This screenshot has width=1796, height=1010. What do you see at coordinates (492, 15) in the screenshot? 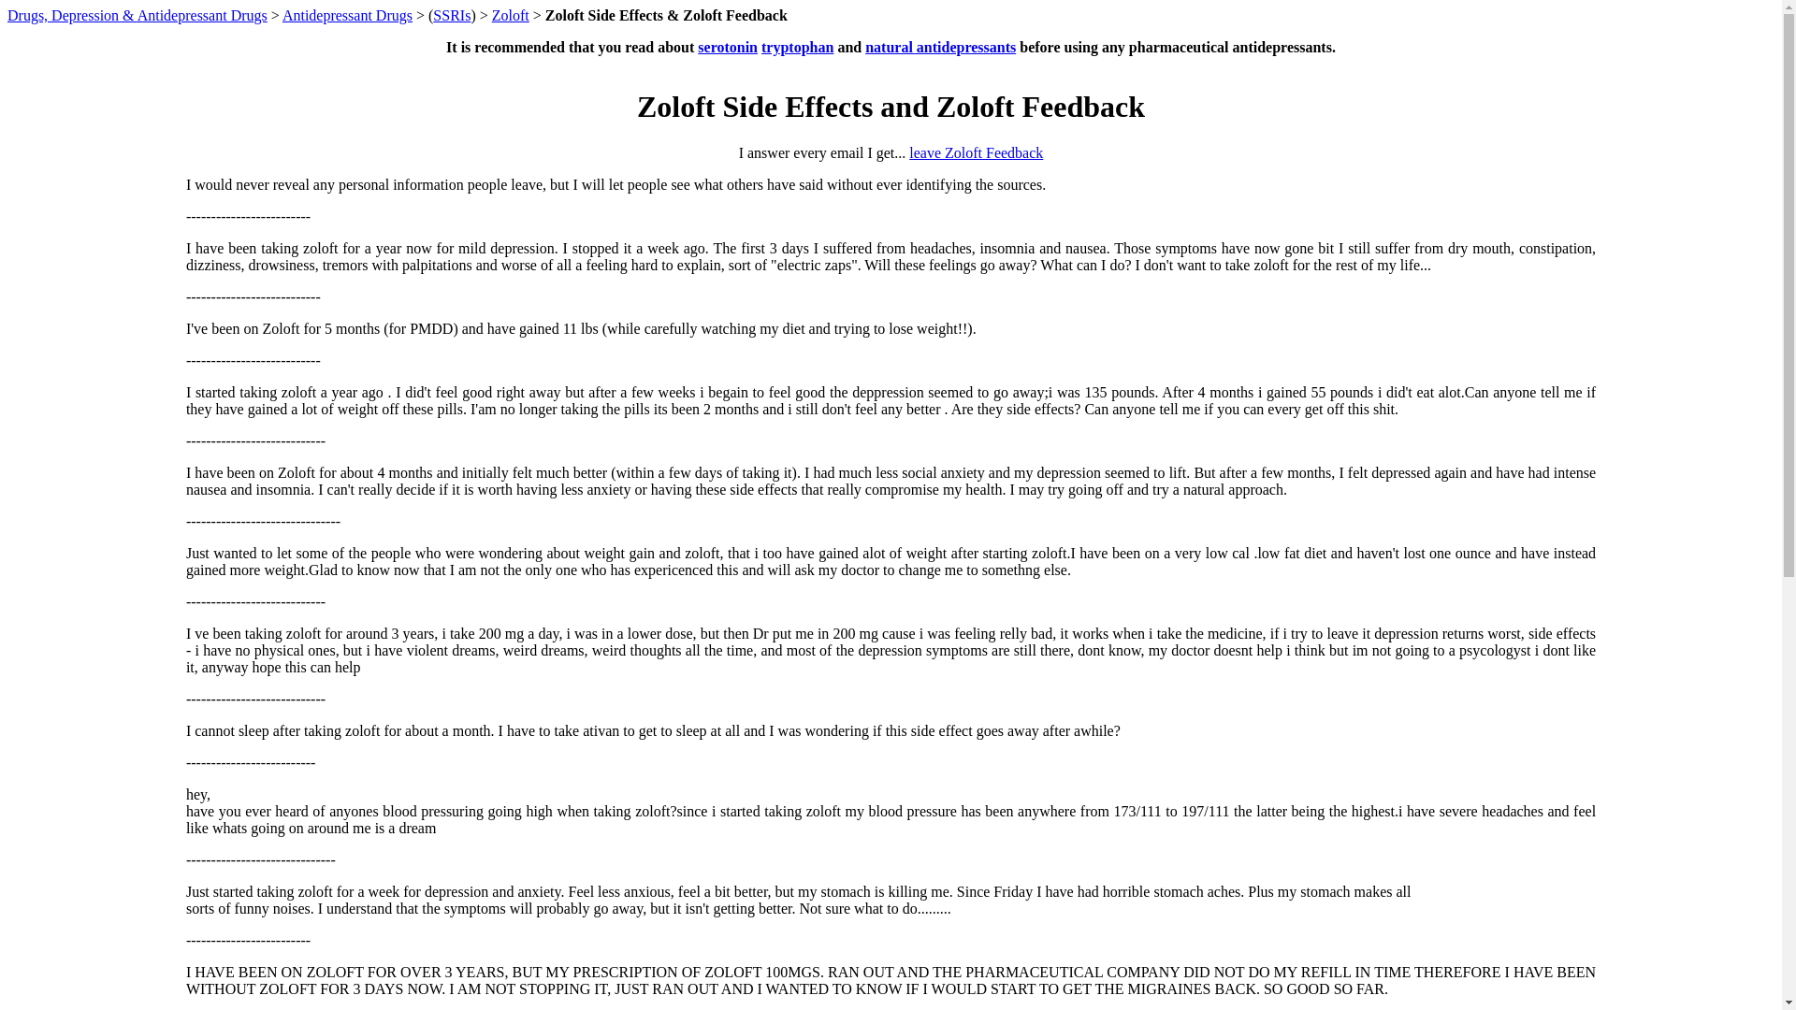
I see `'Zoloft'` at bounding box center [492, 15].